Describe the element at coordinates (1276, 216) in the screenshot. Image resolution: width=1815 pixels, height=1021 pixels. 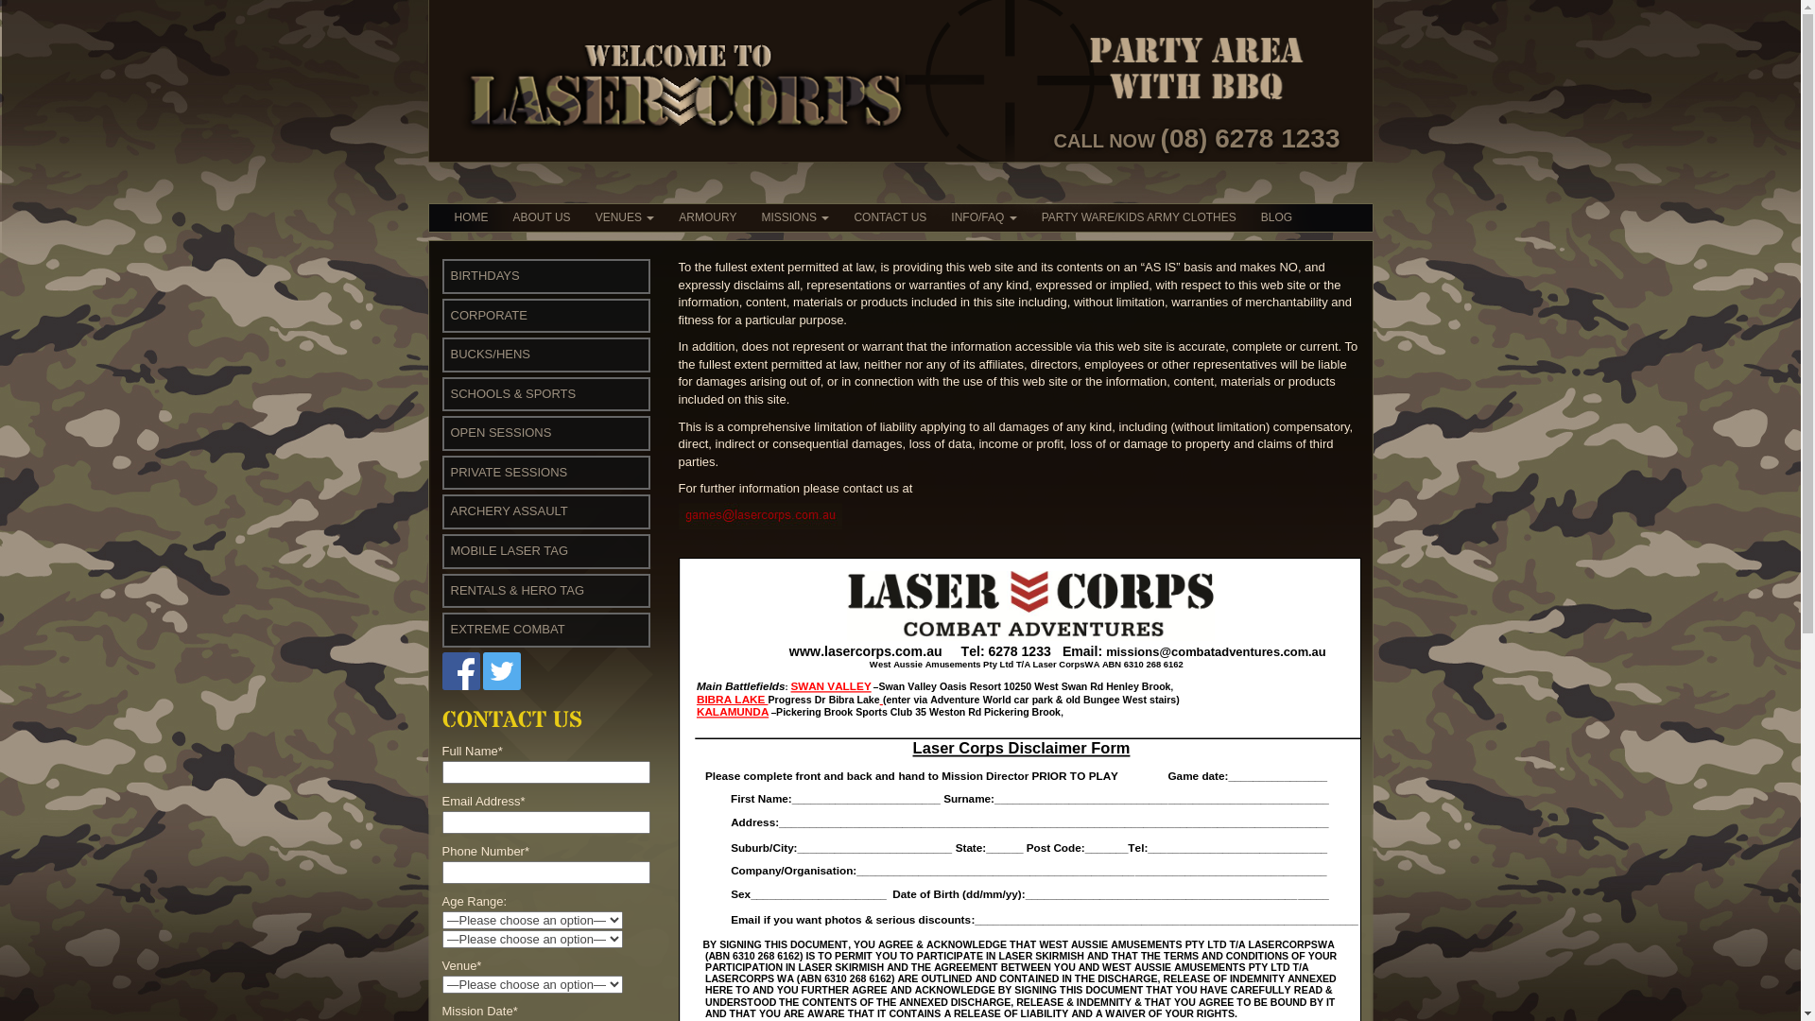
I see `'BLOG'` at that location.